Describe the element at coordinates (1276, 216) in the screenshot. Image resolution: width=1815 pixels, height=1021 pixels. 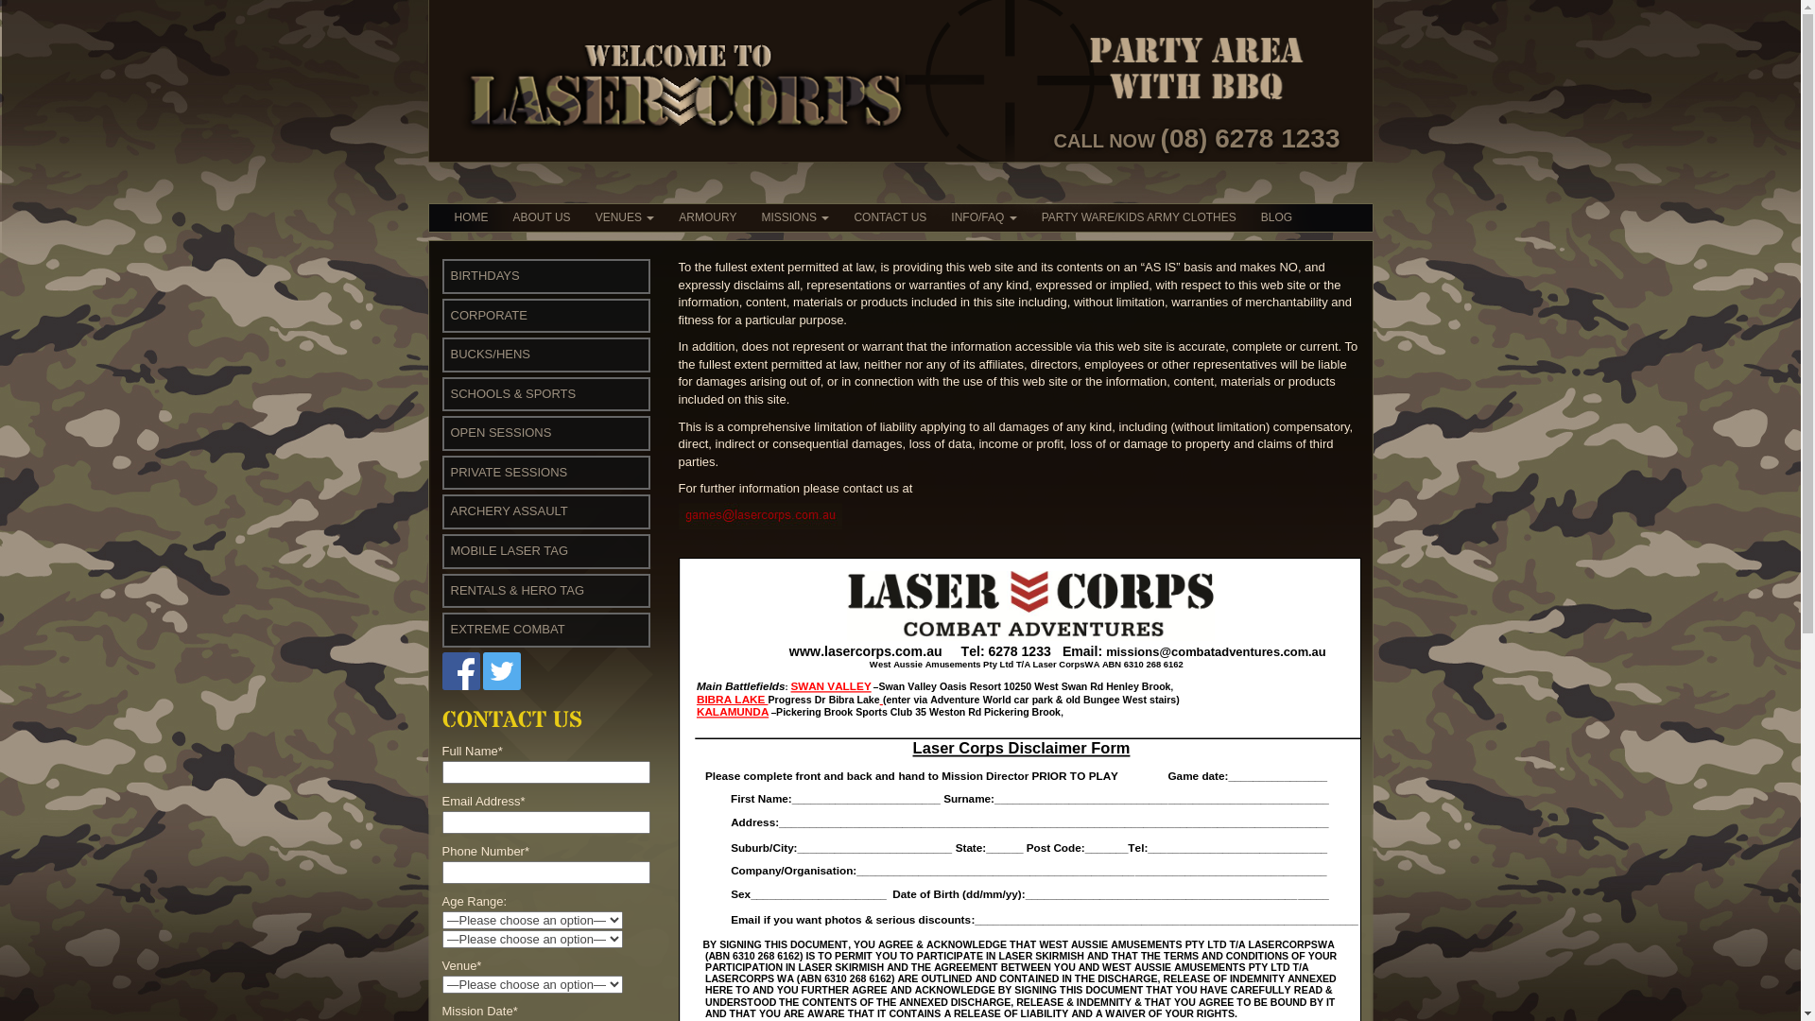
I see `'BLOG'` at that location.